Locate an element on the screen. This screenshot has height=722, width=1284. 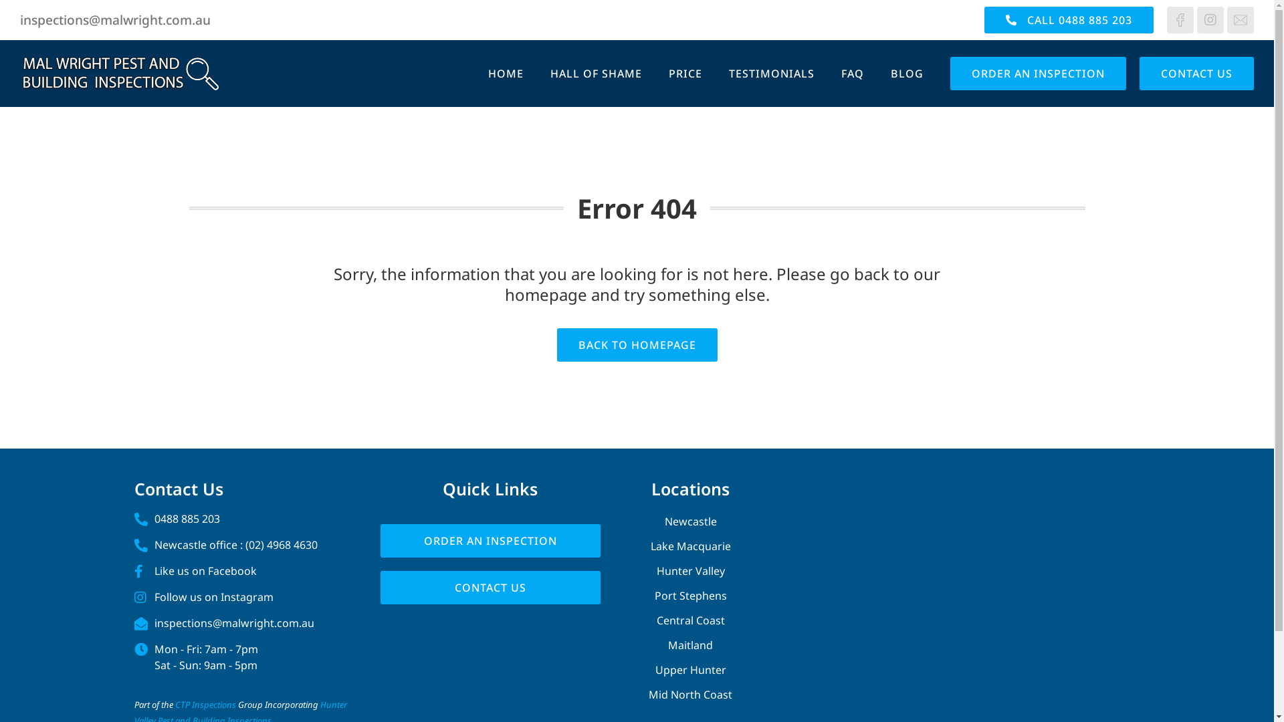
'Lake Macquarie' is located at coordinates (690, 546).